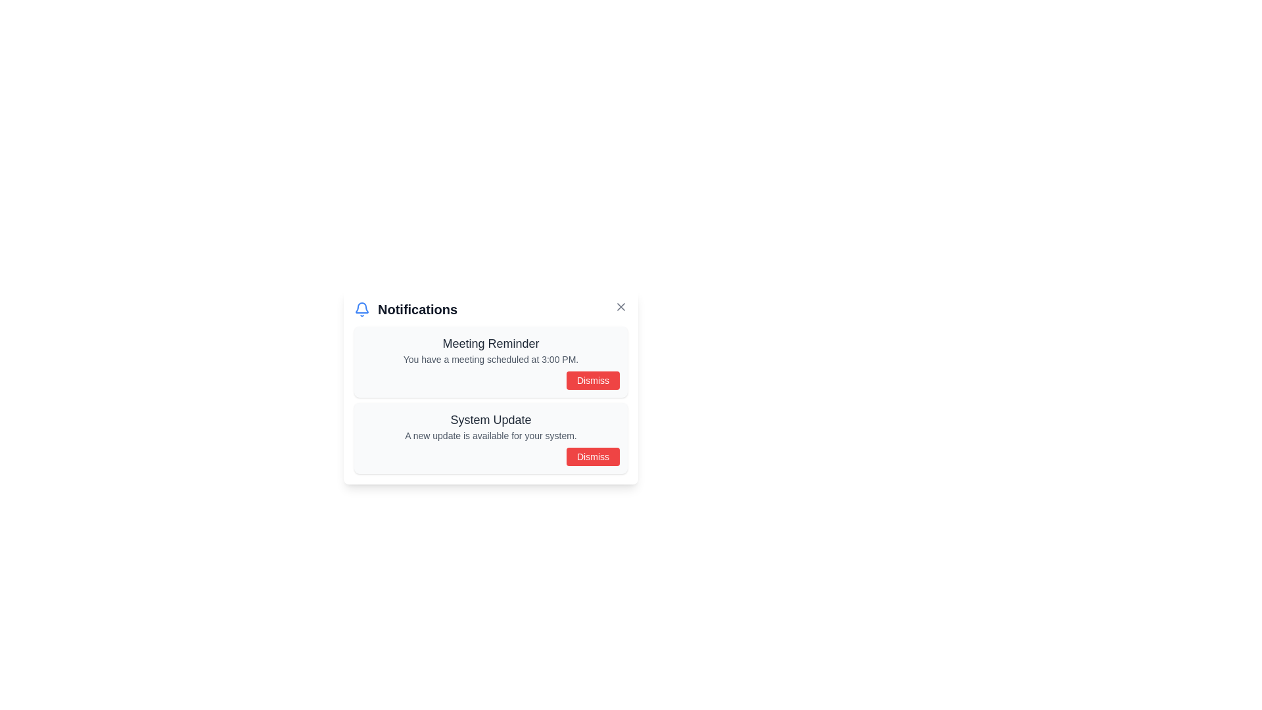  I want to click on the Text Label that serves as the title for the notification box summarizing the content of the meeting reminder, so click(490, 343).